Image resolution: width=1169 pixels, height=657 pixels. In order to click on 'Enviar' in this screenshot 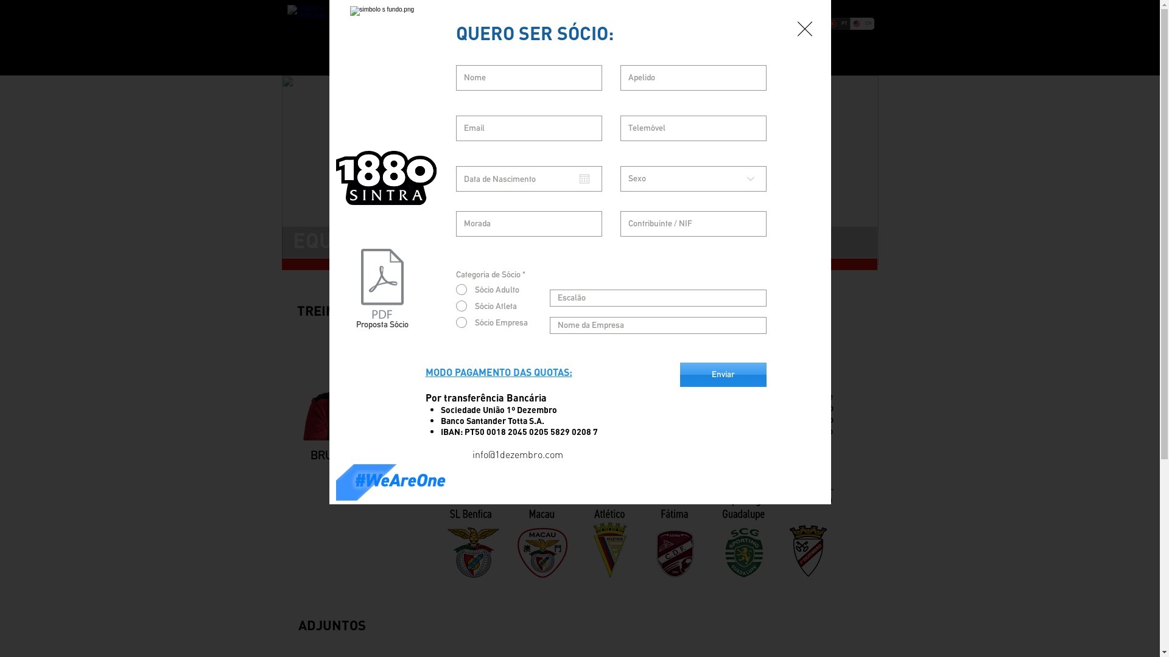, I will do `click(722, 374)`.